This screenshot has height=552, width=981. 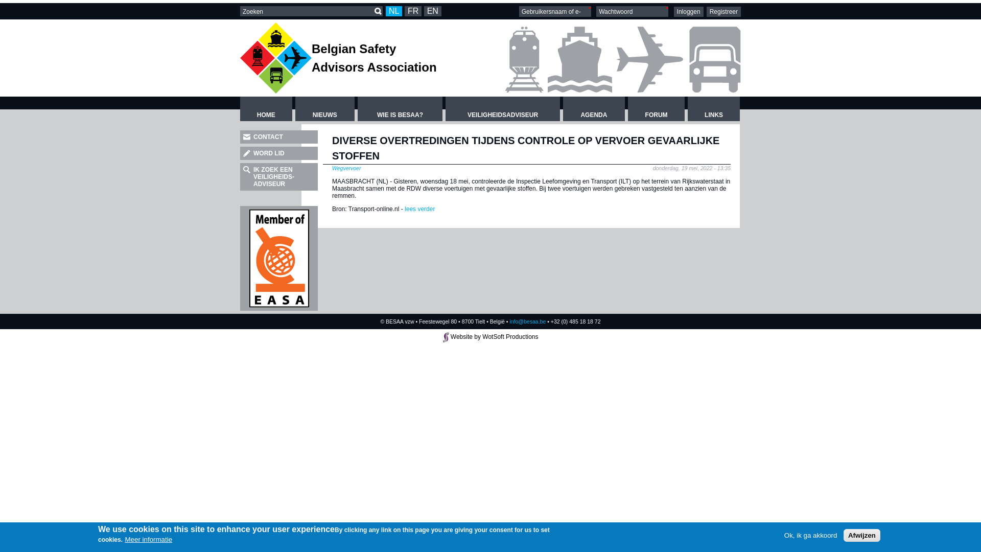 I want to click on 'NIEUWS', so click(x=324, y=108).